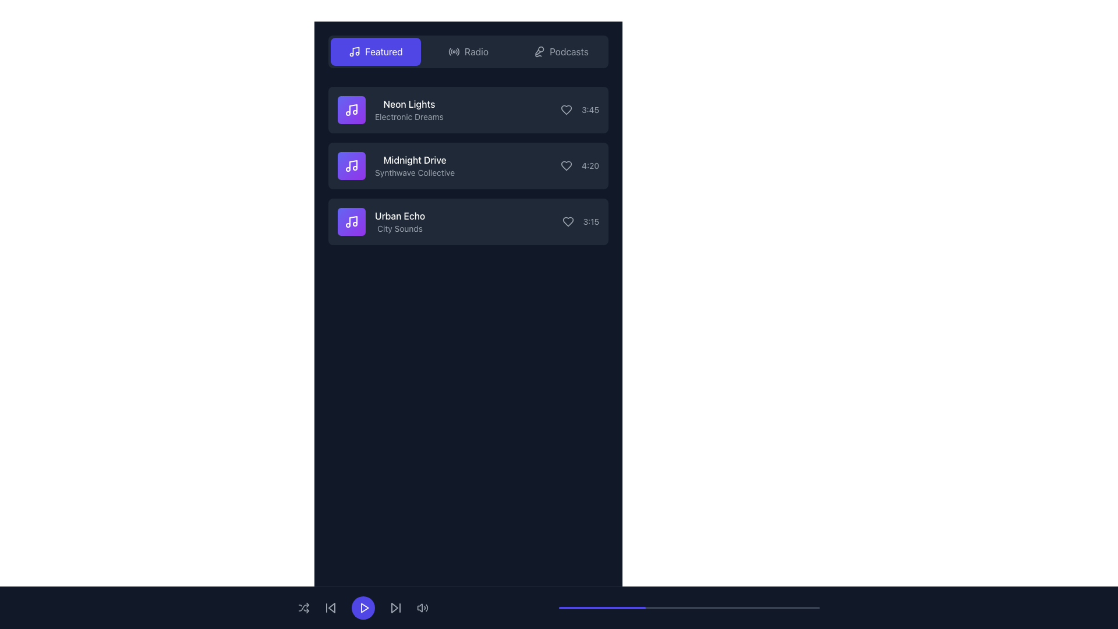 The height and width of the screenshot is (629, 1118). Describe the element at coordinates (580, 110) in the screenshot. I see `the text label displaying the duration '3:45' styled in light gray font, located at the topmost music entry labeled 'Neon Lights' on the far right of the row, immediately to the right of a heart icon` at that location.